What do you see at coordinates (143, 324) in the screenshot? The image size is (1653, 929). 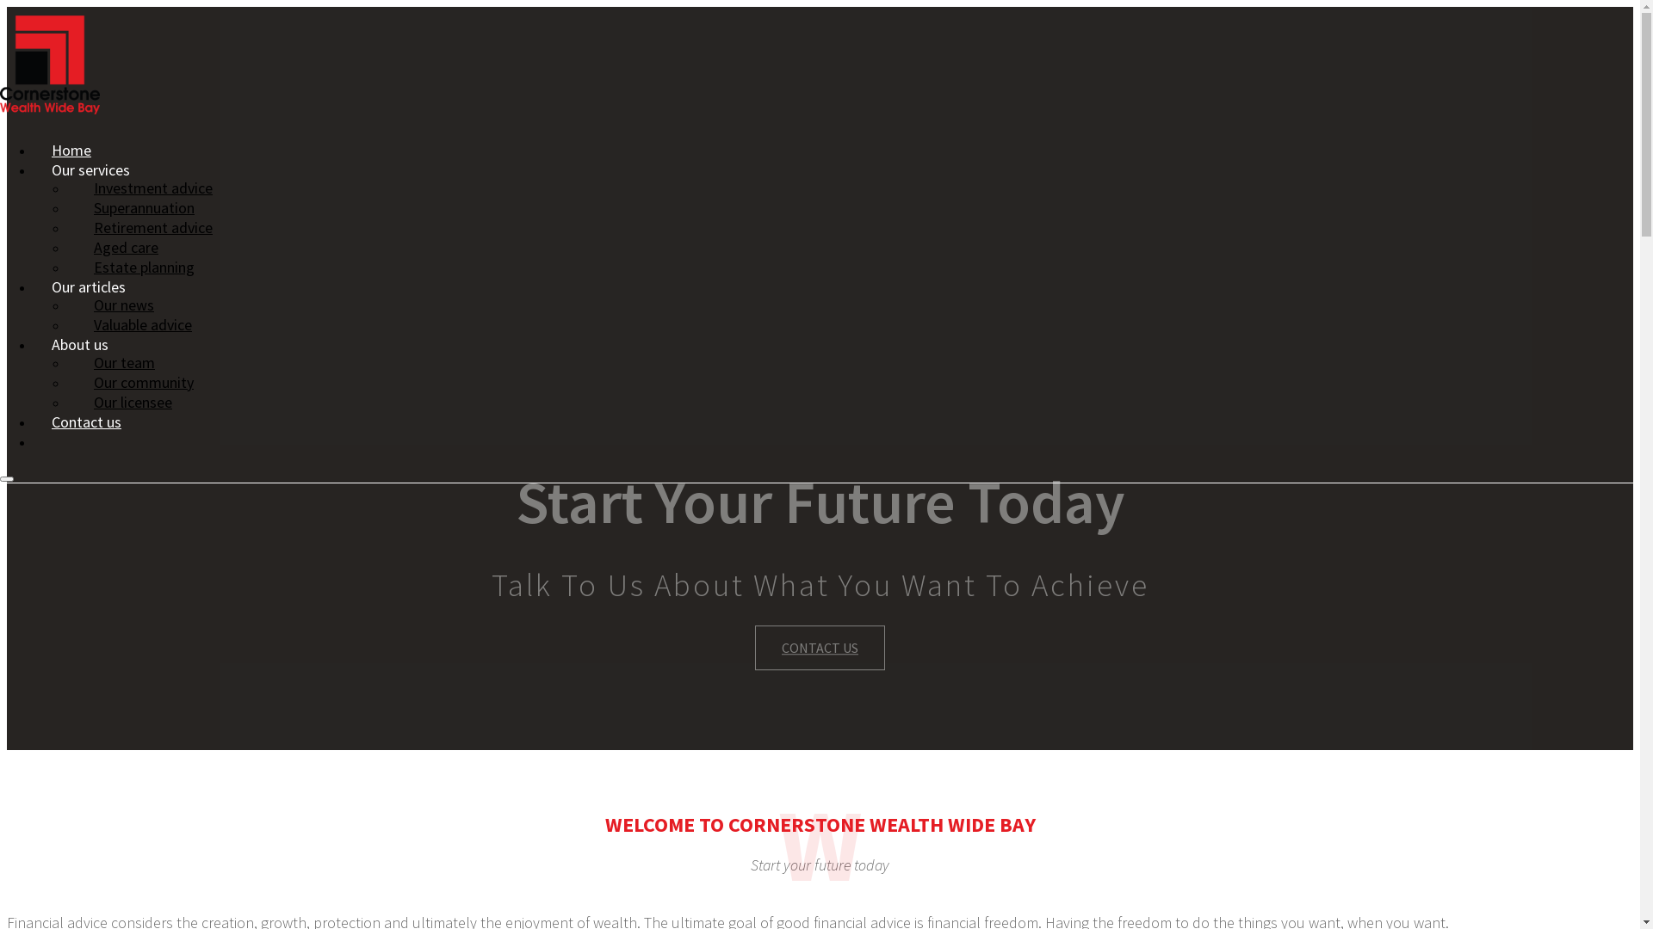 I see `'Valuable advice'` at bounding box center [143, 324].